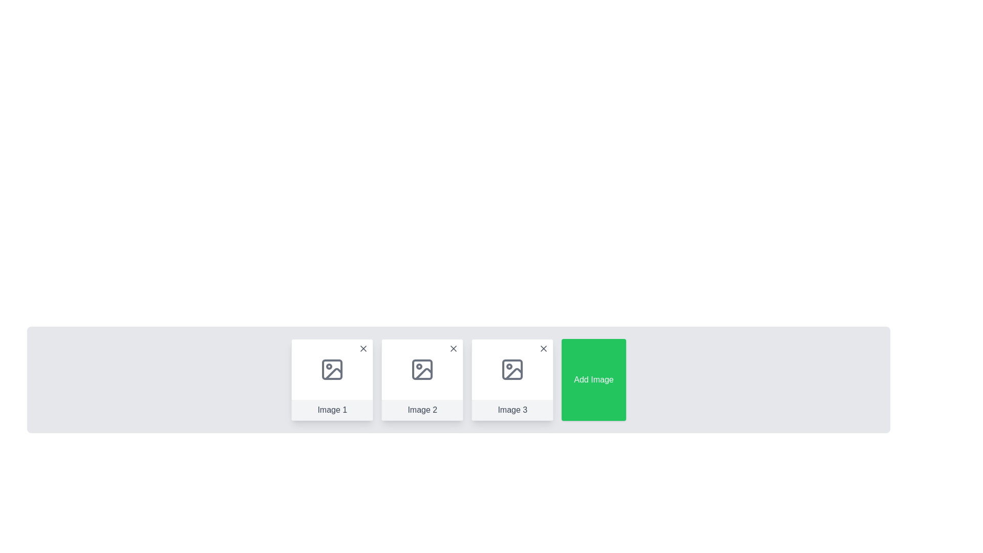  Describe the element at coordinates (422, 410) in the screenshot. I see `the text label displaying 'Image 2' located at the bottom center of the second card in a sequence of three` at that location.